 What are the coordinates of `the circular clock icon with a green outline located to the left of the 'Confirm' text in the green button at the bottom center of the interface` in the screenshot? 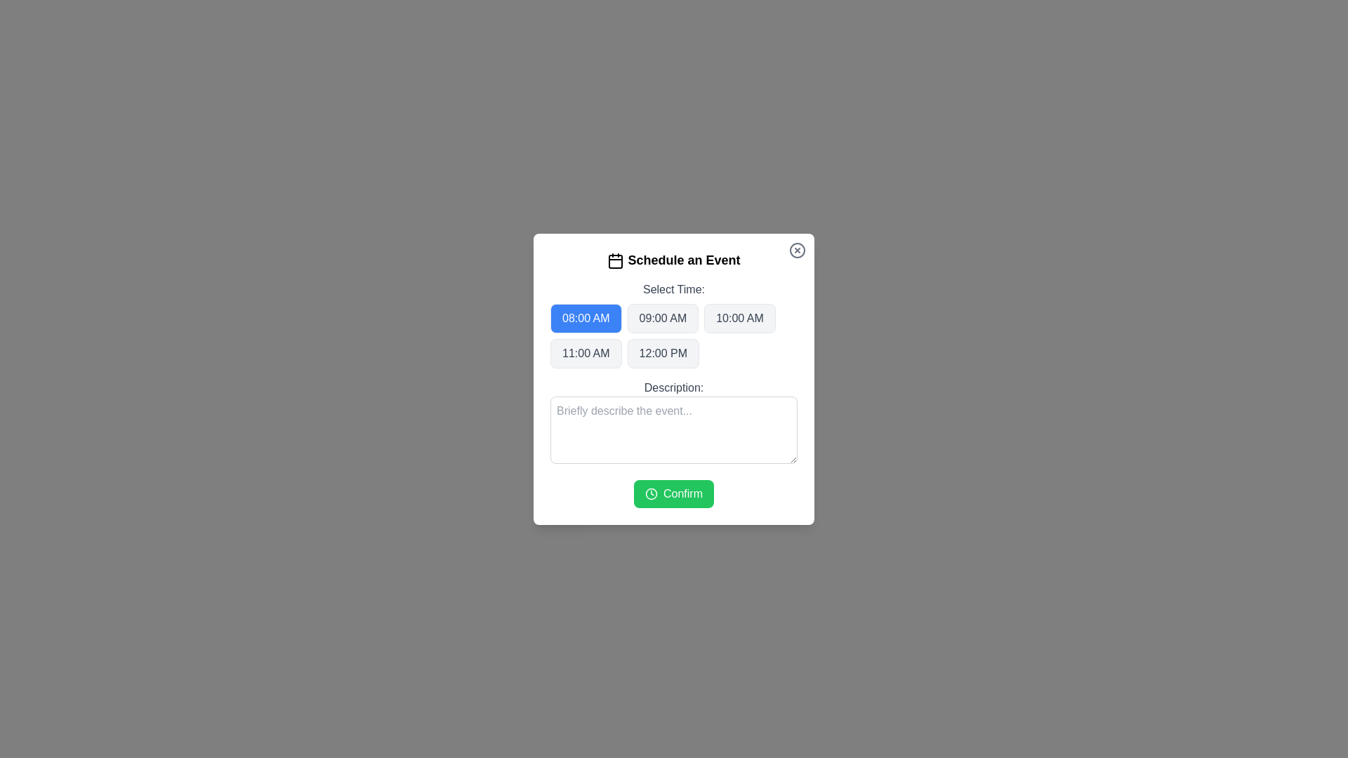 It's located at (650, 493).